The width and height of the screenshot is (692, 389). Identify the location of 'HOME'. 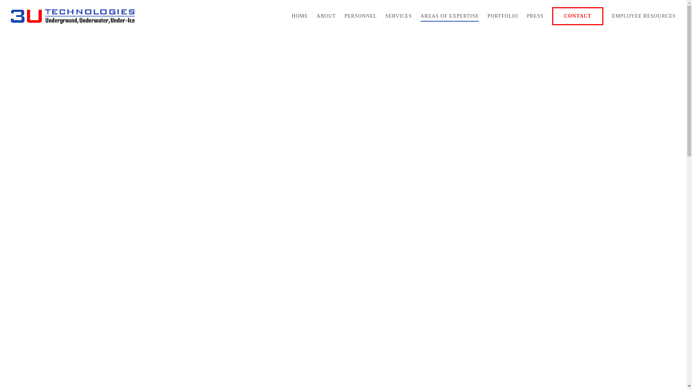
(300, 16).